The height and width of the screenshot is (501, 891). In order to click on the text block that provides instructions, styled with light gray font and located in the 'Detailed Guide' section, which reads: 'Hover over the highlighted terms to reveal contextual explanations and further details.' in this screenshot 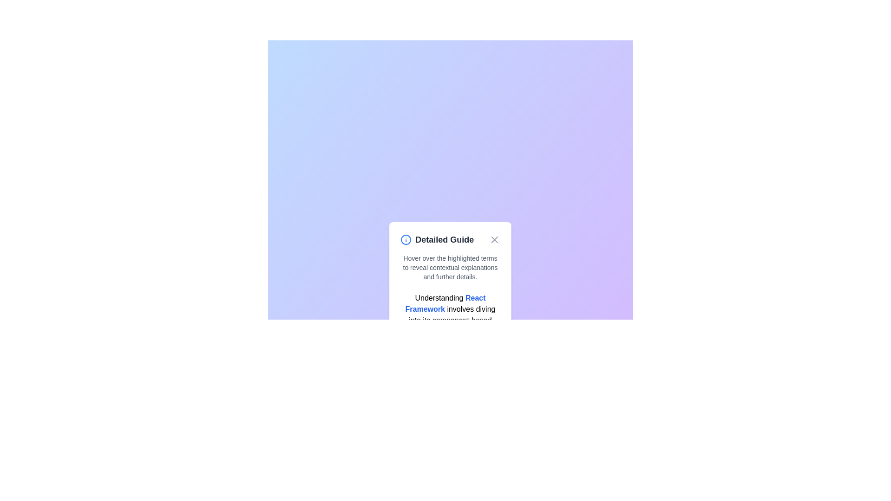, I will do `click(450, 268)`.